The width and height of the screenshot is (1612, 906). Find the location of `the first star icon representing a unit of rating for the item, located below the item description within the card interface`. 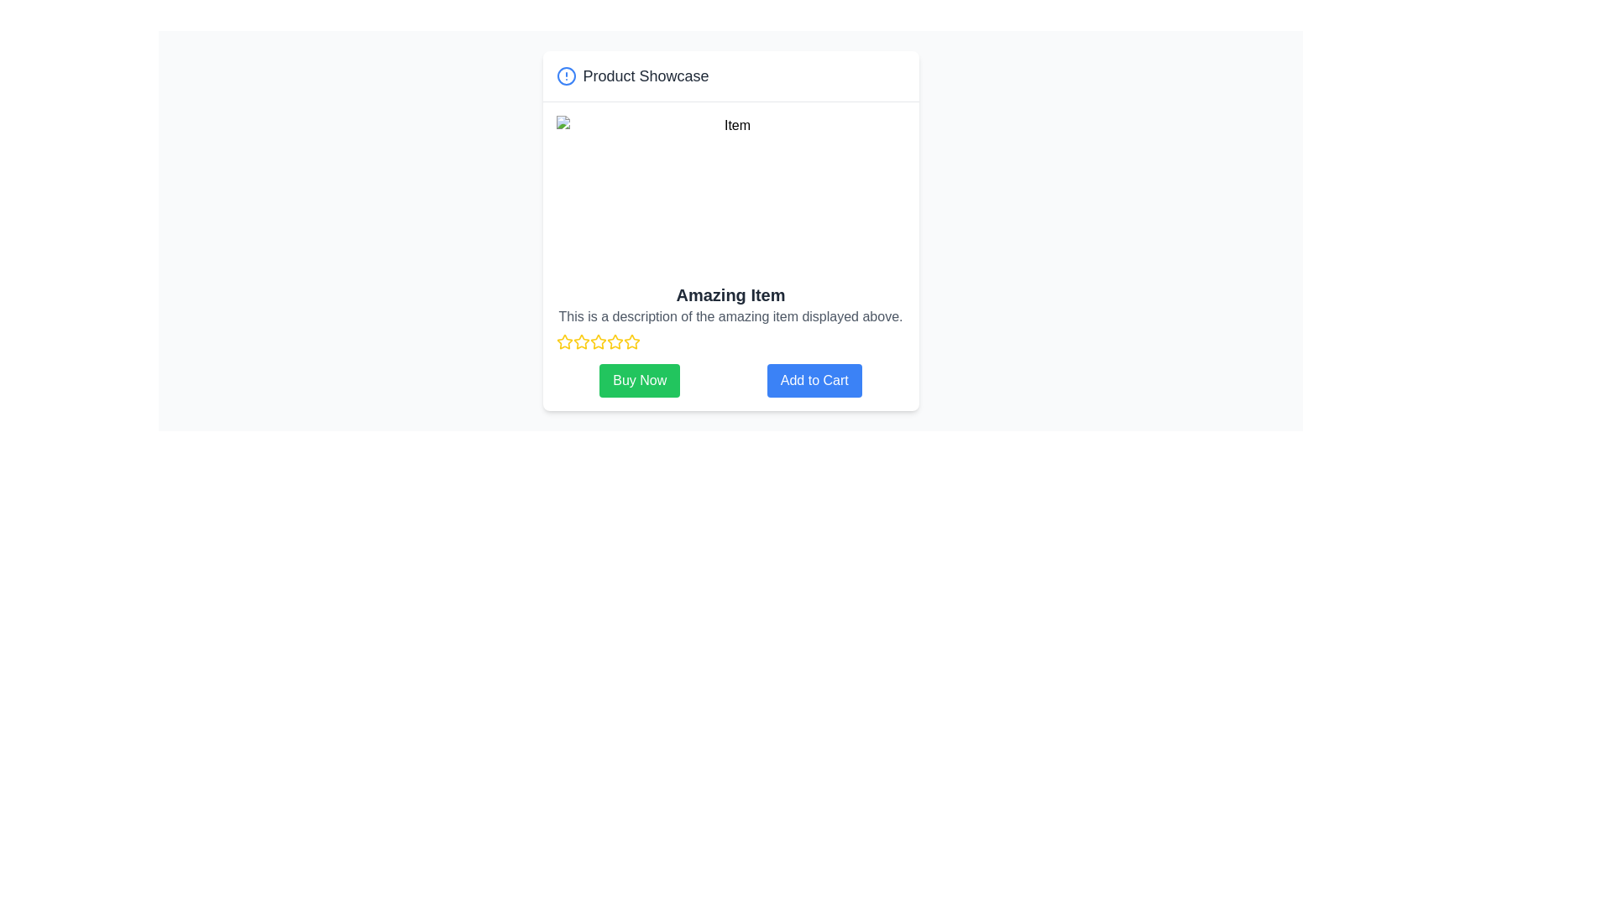

the first star icon representing a unit of rating for the item, located below the item description within the card interface is located at coordinates (564, 341).